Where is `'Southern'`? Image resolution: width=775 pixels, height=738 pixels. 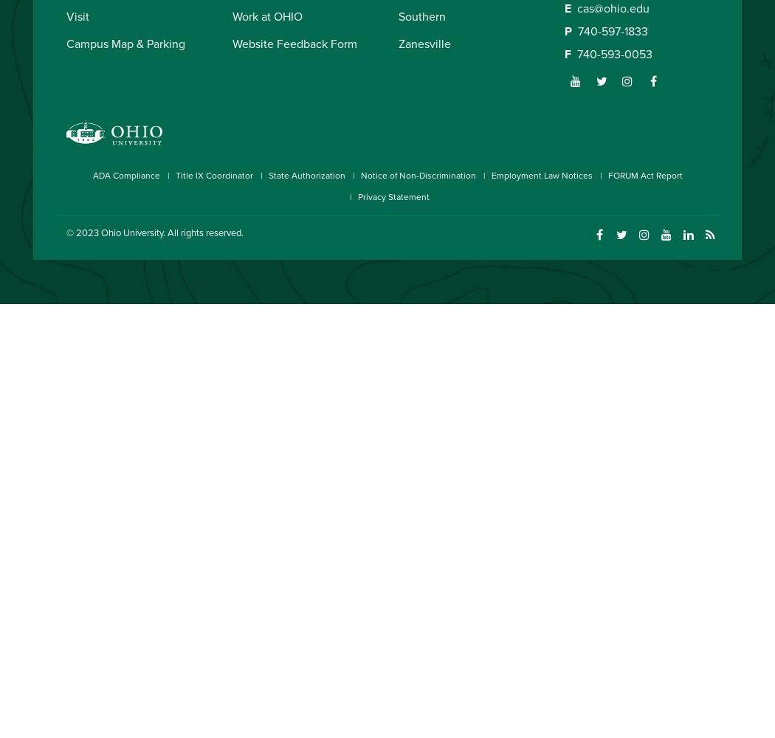 'Southern' is located at coordinates (399, 16).